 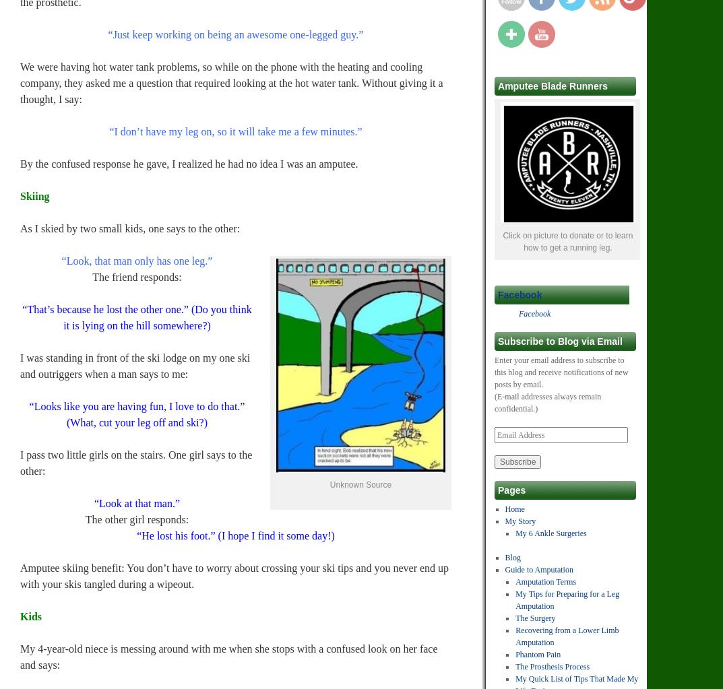 I want to click on 'Amputation Terms', so click(x=546, y=581).